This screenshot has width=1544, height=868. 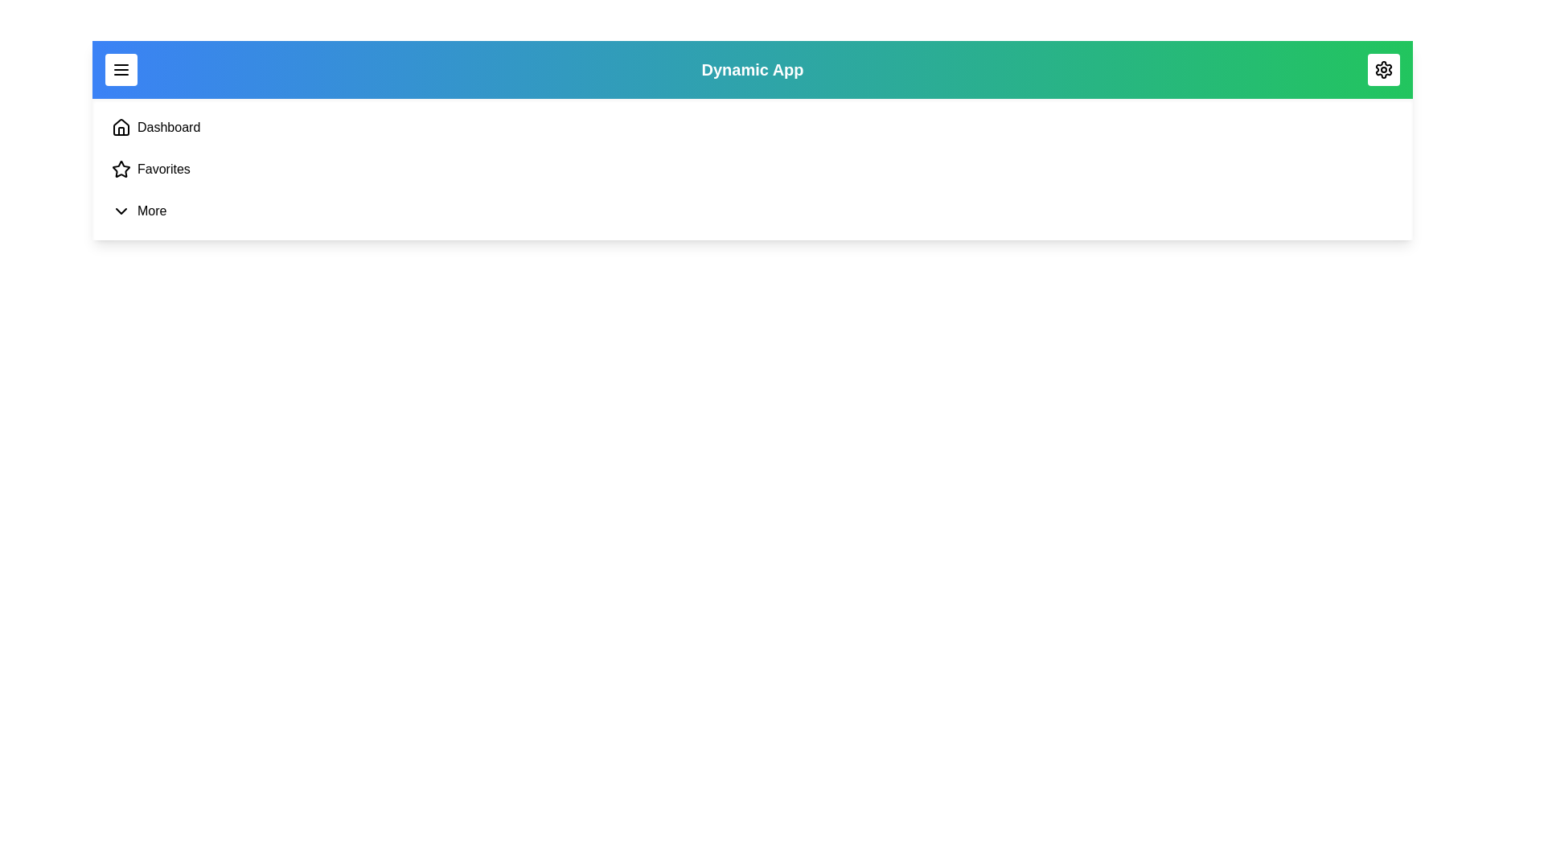 I want to click on the settings button located on the right side of the app bar, so click(x=1383, y=69).